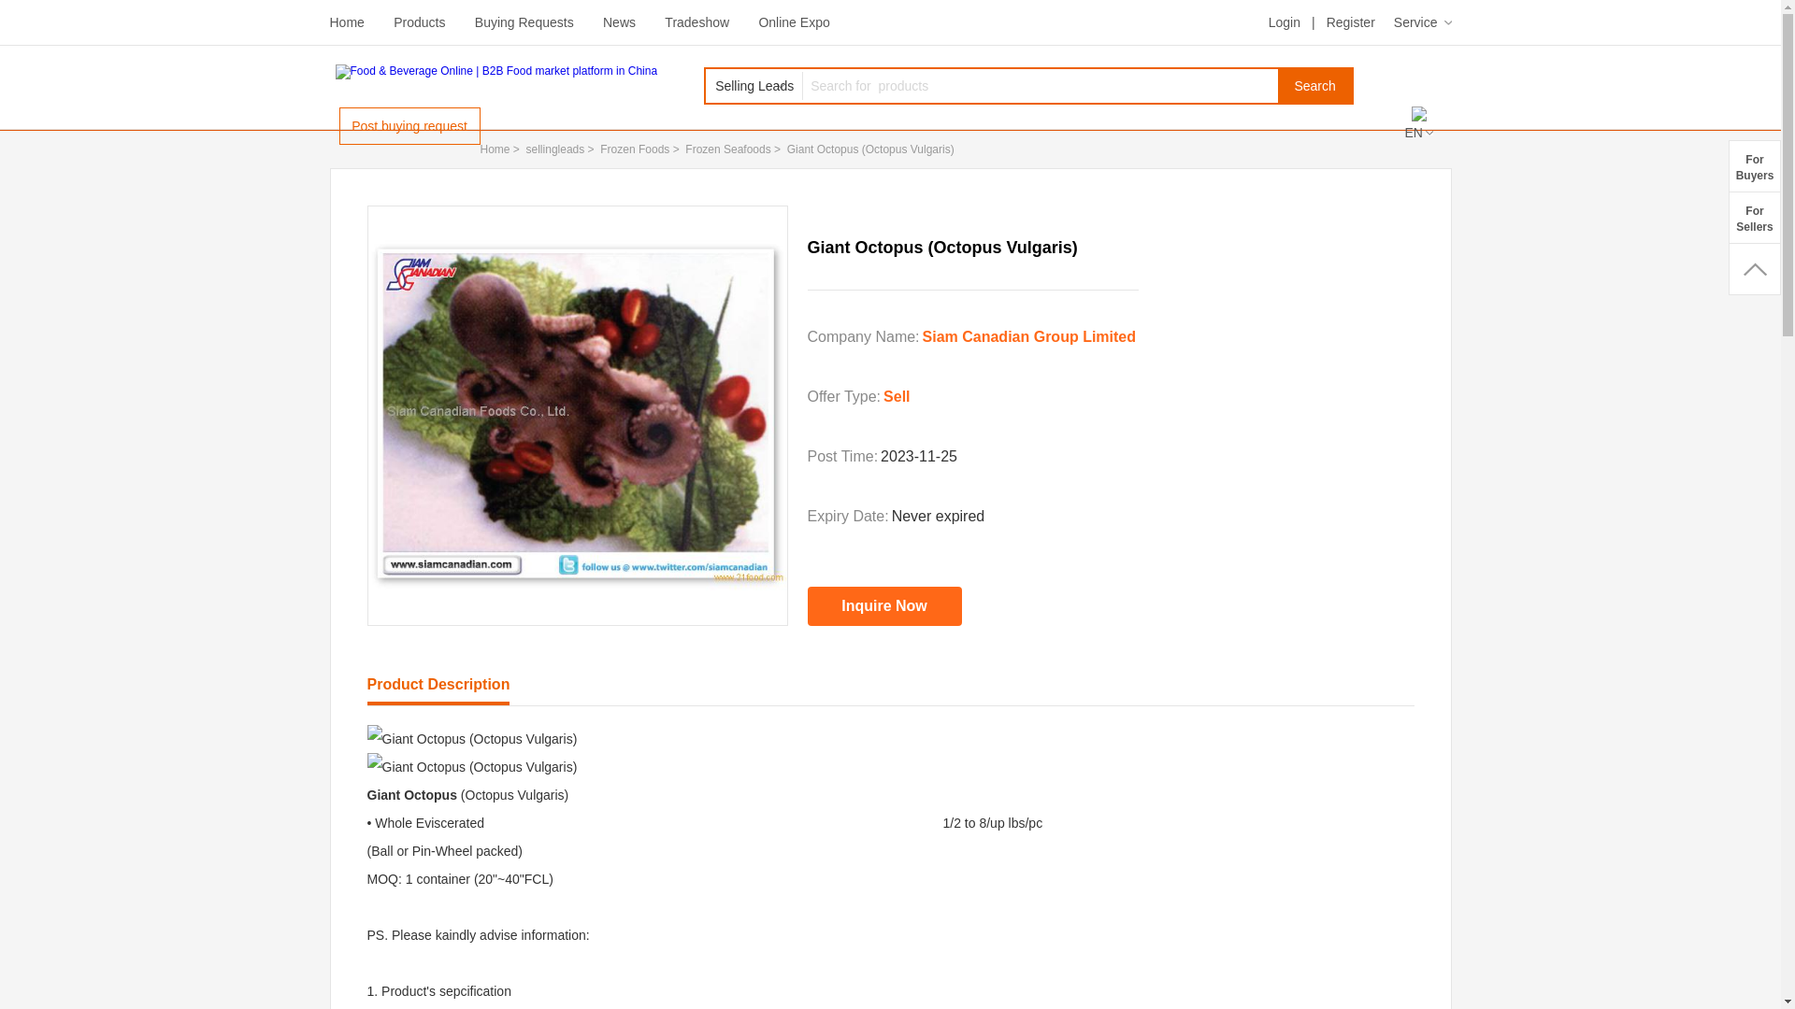 The width and height of the screenshot is (1795, 1009). I want to click on 'Products', so click(418, 21).